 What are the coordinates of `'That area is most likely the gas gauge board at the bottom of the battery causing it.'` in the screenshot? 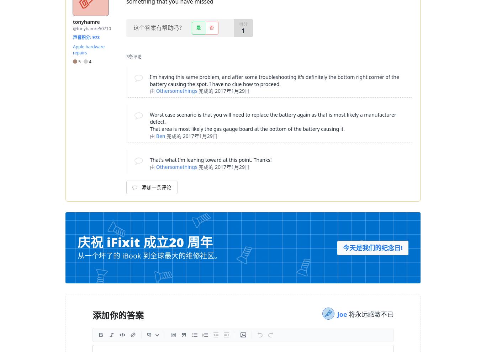 It's located at (149, 129).